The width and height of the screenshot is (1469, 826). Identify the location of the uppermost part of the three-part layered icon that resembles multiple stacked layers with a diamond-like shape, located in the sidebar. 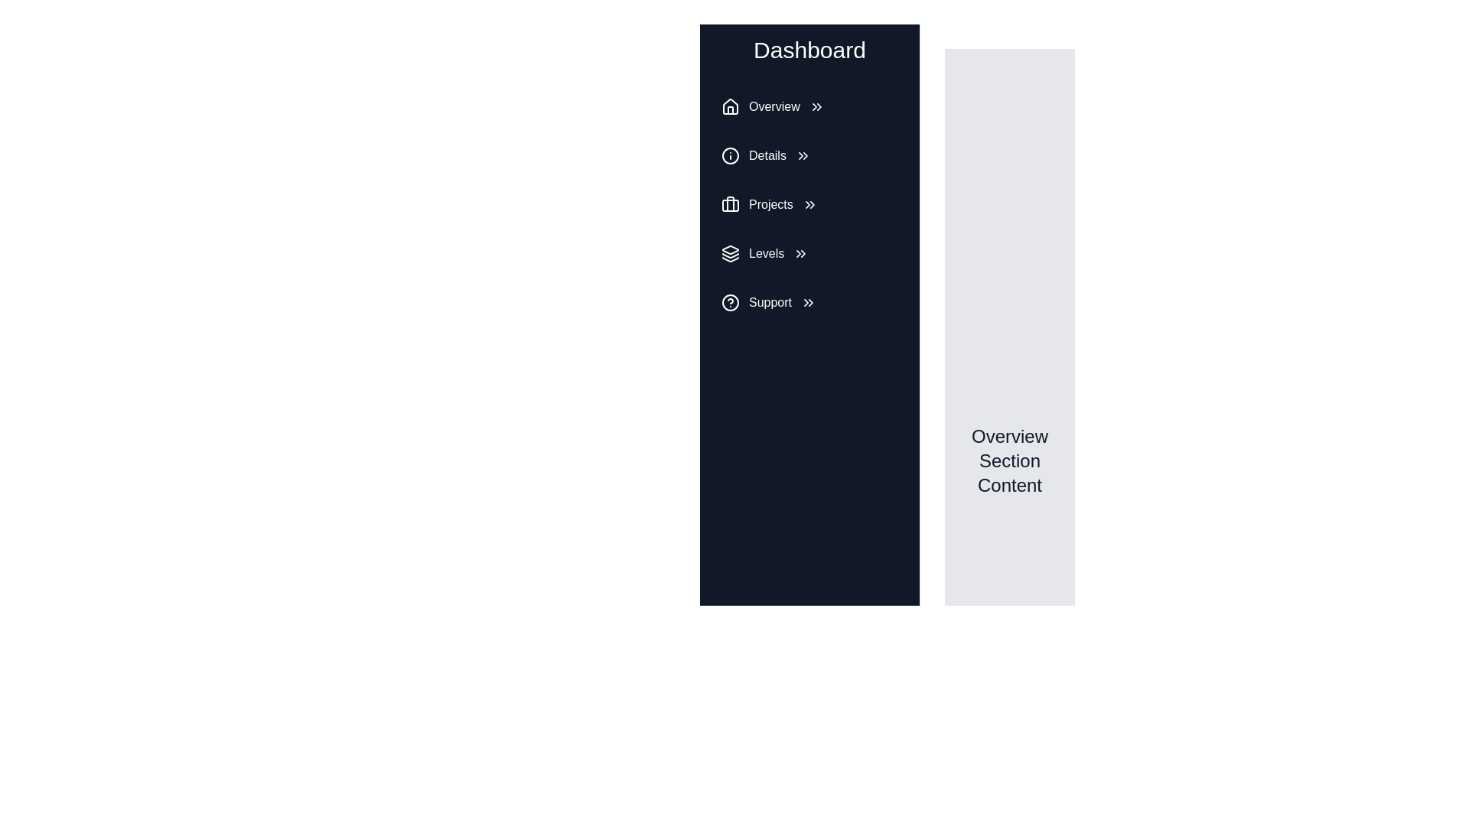
(730, 249).